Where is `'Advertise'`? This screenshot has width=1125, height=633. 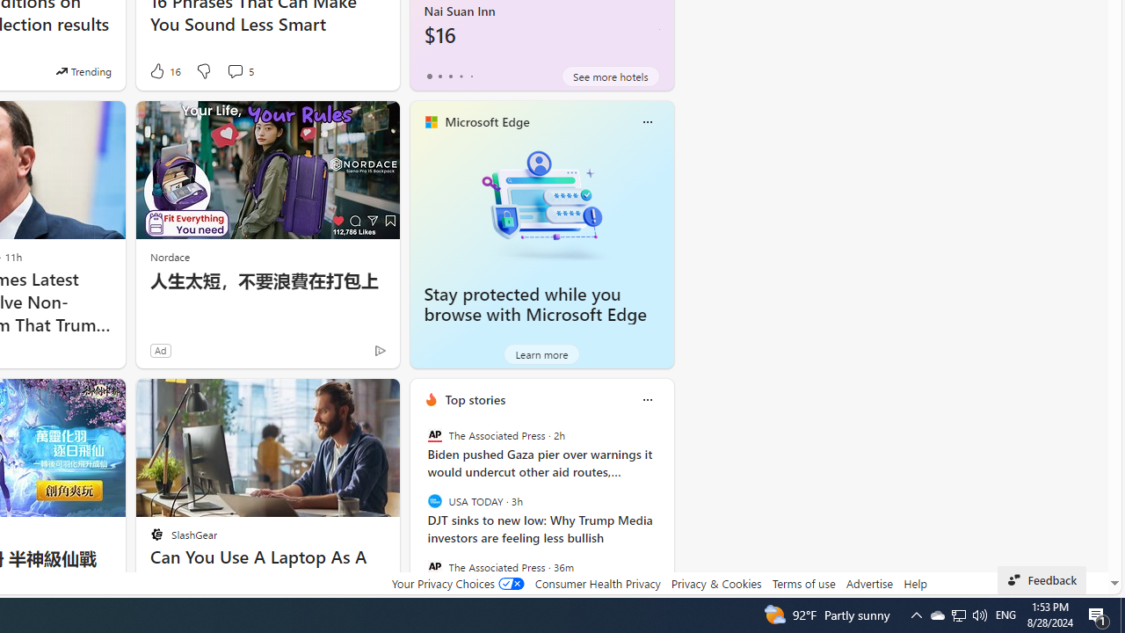 'Advertise' is located at coordinates (870, 583).